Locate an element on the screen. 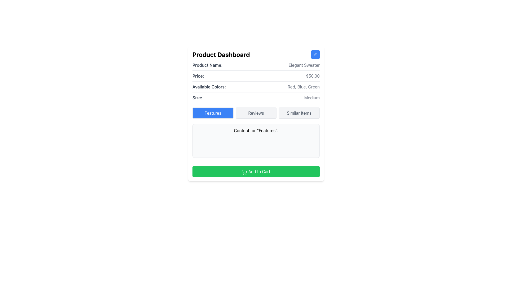  the static text label displaying '$50.00', which is styled in muted gray and positioned to the right of the label 'Price:' is located at coordinates (313, 76).